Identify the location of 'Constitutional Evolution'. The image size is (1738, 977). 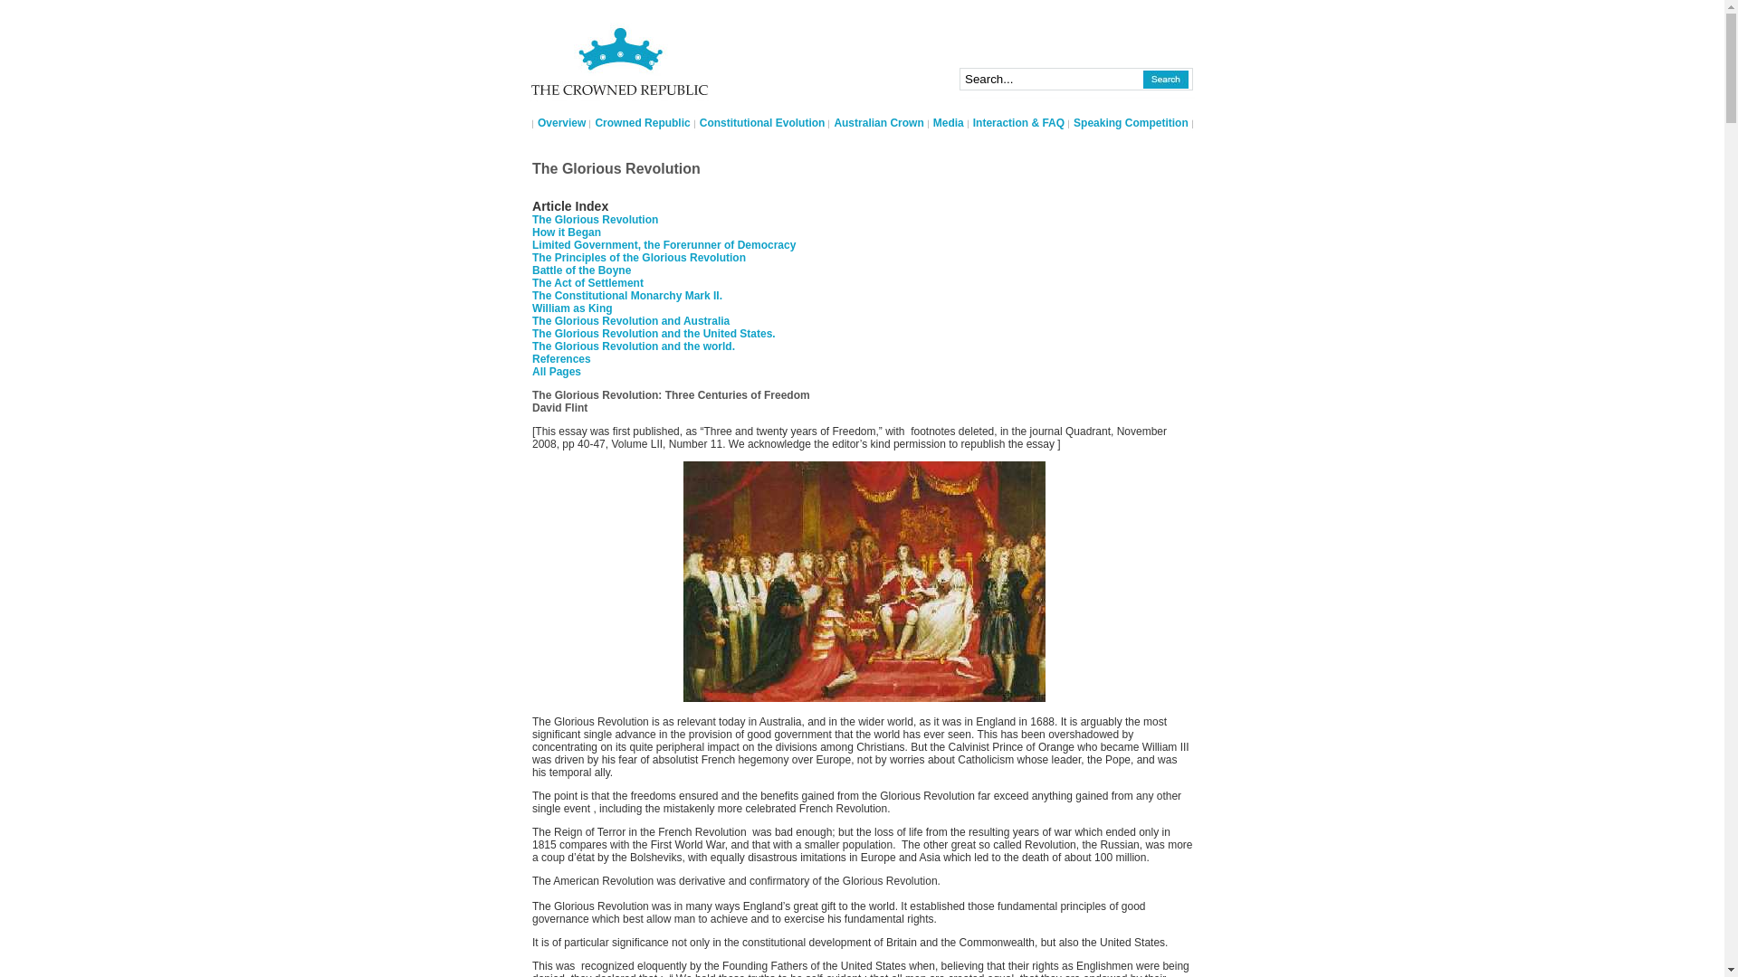
(762, 122).